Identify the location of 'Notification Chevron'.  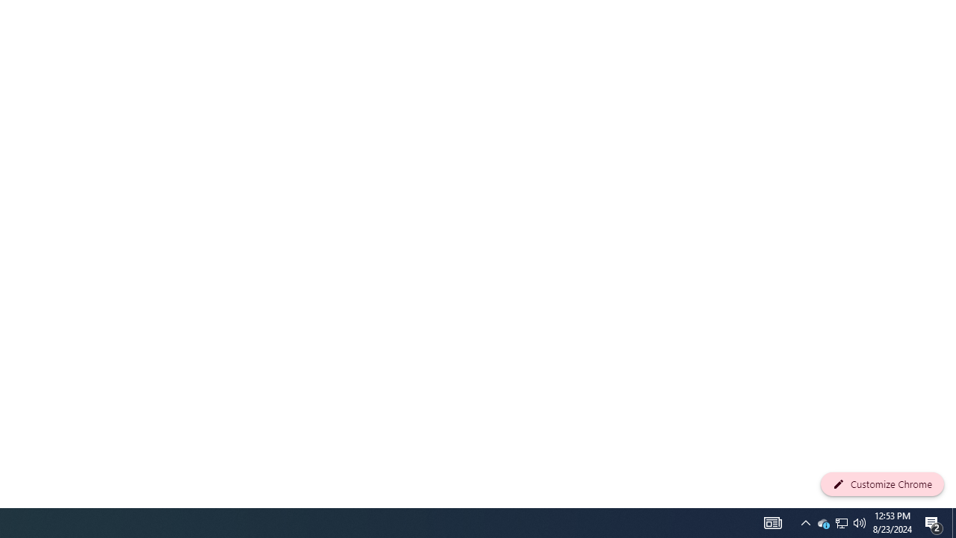
(805, 522).